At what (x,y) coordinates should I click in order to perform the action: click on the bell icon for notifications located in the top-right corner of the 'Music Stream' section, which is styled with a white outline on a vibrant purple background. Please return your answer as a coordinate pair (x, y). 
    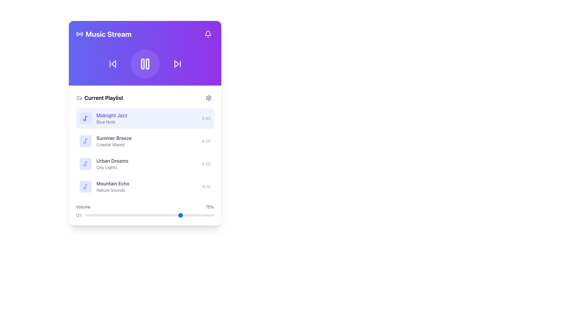
    Looking at the image, I should click on (208, 34).